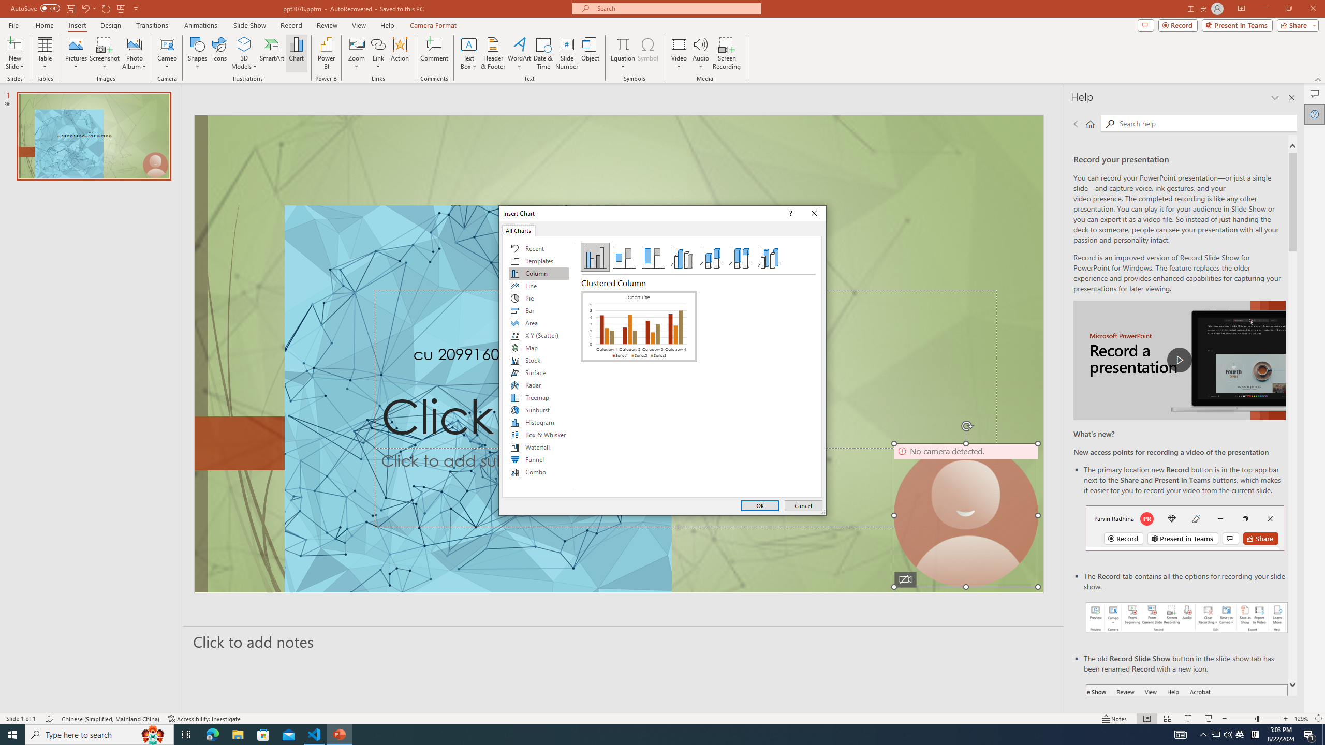  What do you see at coordinates (219, 53) in the screenshot?
I see `'Icons'` at bounding box center [219, 53].